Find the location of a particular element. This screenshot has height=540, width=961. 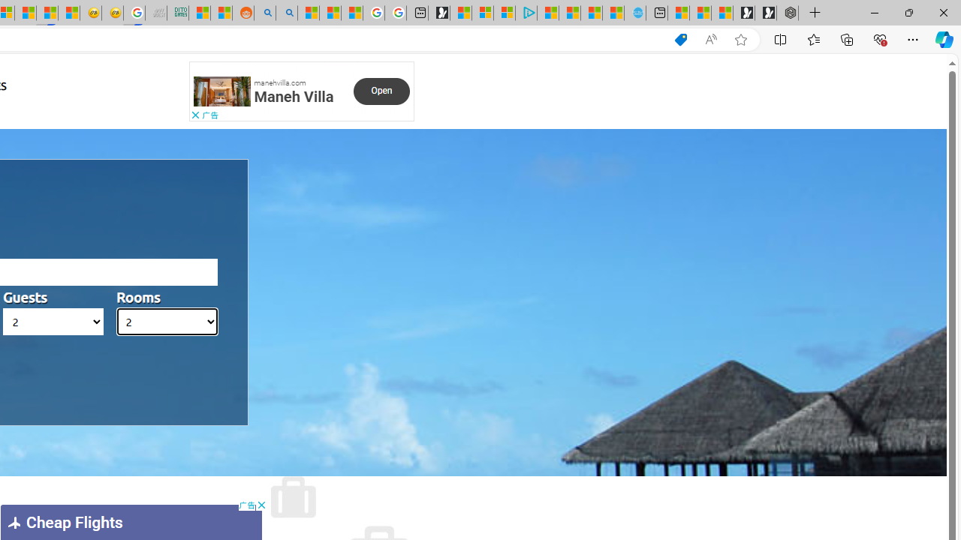

'Utah sues federal government - Search' is located at coordinates (286, 13).